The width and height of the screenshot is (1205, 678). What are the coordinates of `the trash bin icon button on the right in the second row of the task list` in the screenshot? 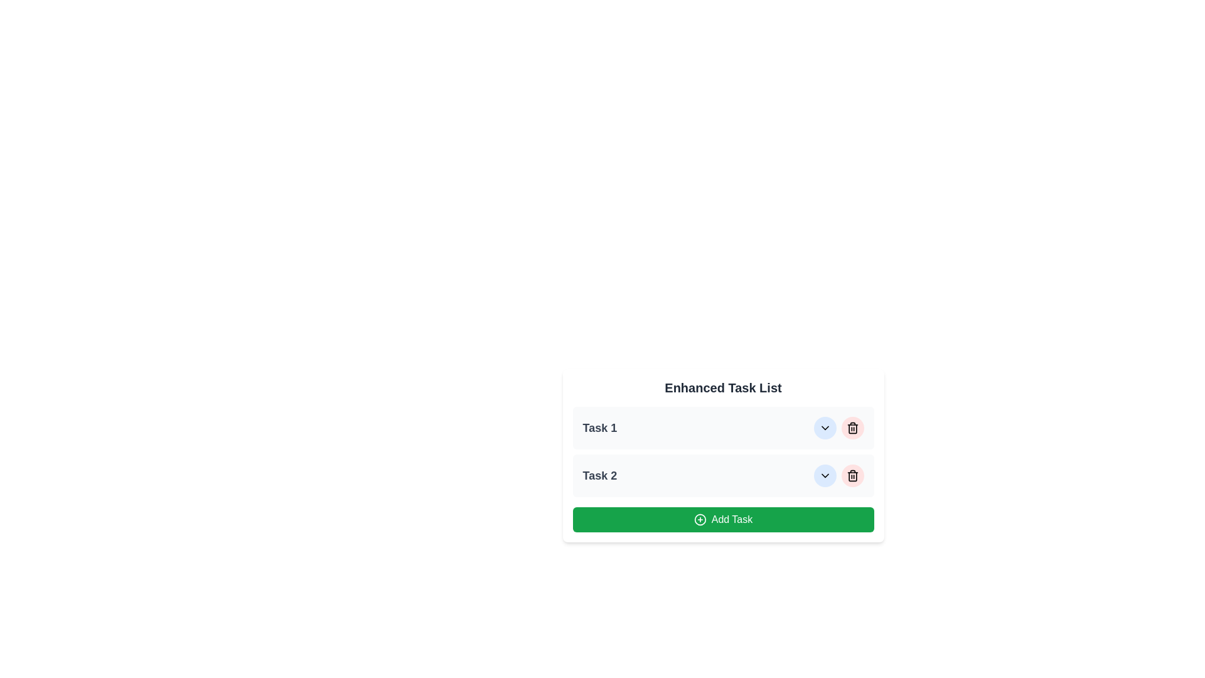 It's located at (852, 476).